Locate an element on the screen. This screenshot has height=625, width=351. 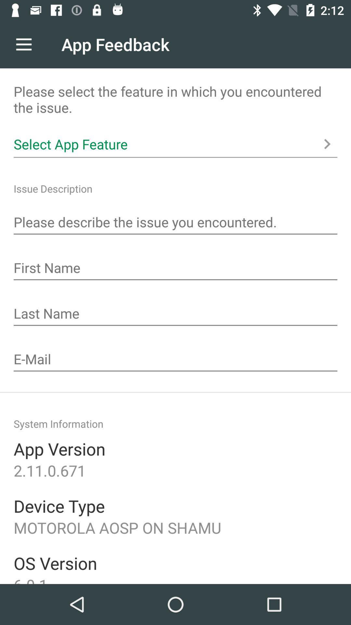
the icon below the issue description is located at coordinates (175, 223).